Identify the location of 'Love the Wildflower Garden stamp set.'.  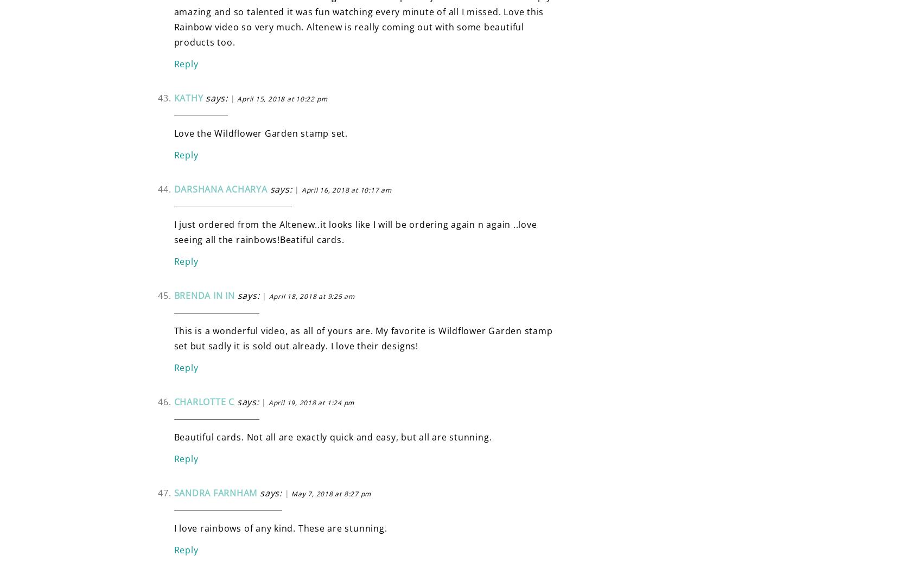
(260, 132).